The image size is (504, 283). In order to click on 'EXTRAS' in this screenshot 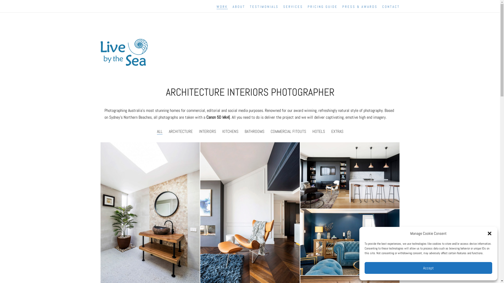, I will do `click(337, 131)`.